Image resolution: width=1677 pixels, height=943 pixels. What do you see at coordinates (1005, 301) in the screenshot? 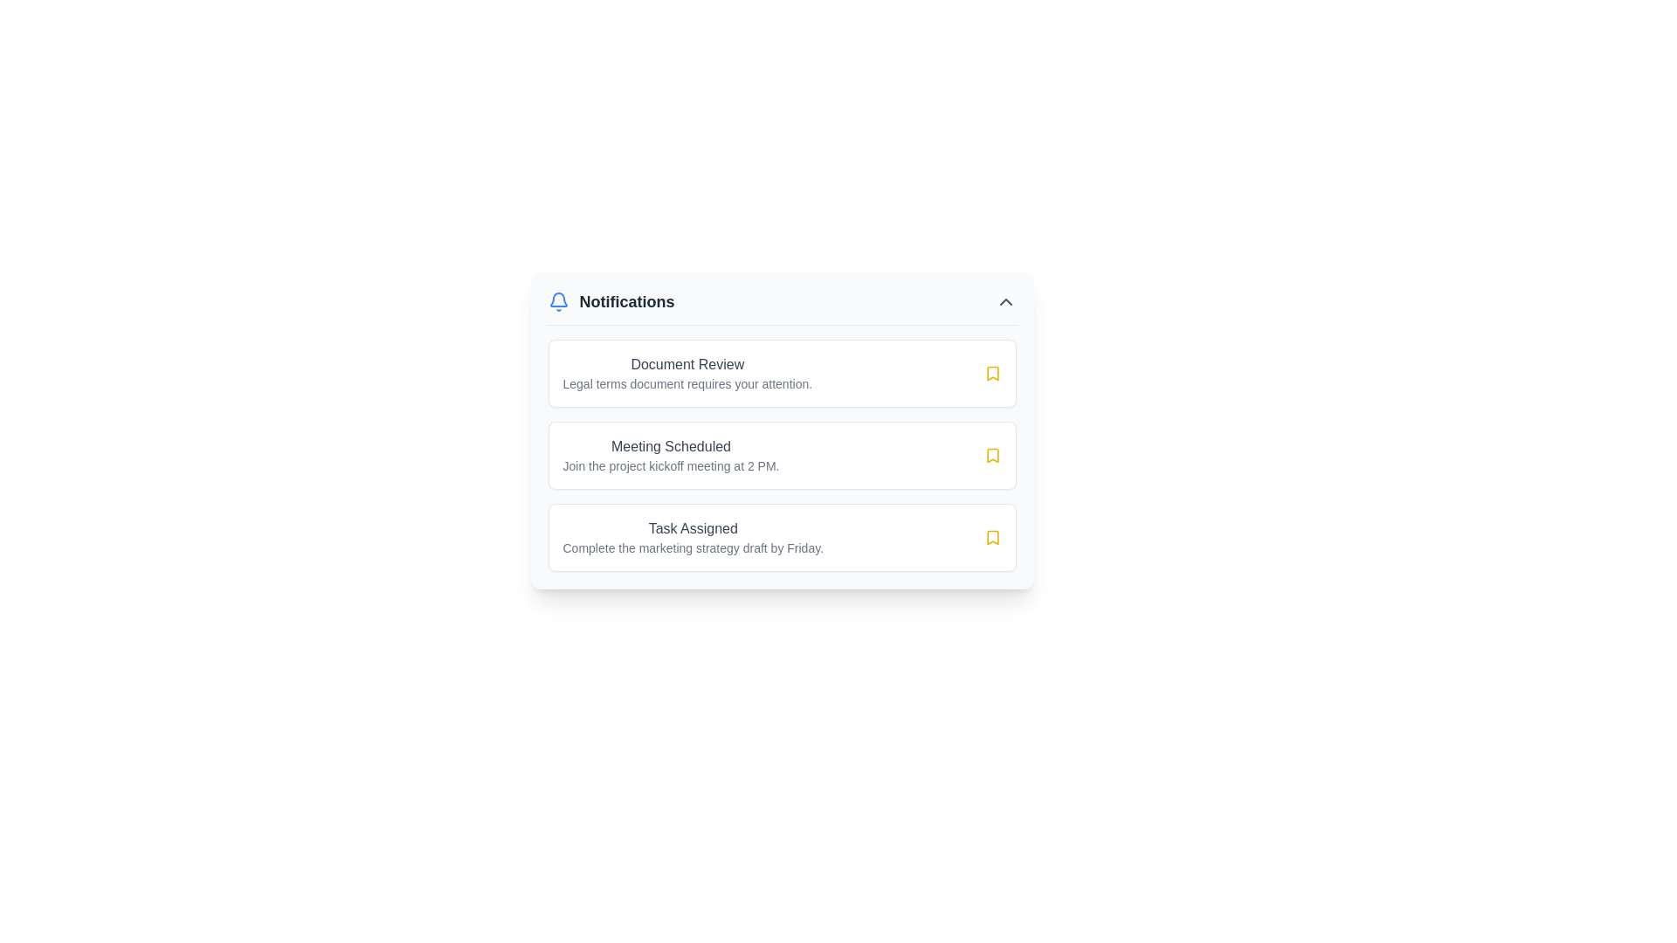
I see `the upward-facing chevron icon button located on the right side of the notifications header to observe its hover effects` at bounding box center [1005, 301].